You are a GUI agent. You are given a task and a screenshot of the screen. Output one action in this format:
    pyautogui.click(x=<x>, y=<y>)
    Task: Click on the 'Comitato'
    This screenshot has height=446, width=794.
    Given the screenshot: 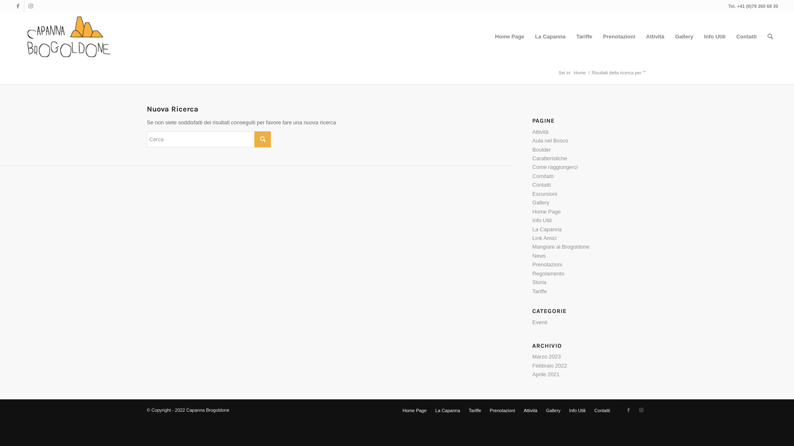 What is the action you would take?
    pyautogui.click(x=532, y=176)
    